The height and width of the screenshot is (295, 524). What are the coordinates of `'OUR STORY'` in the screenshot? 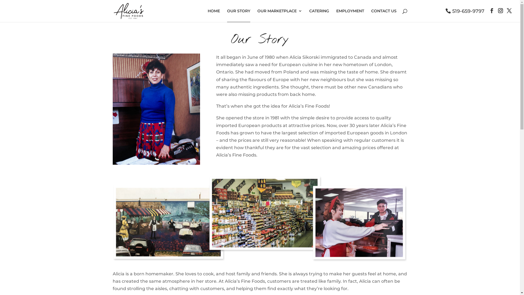 It's located at (239, 15).